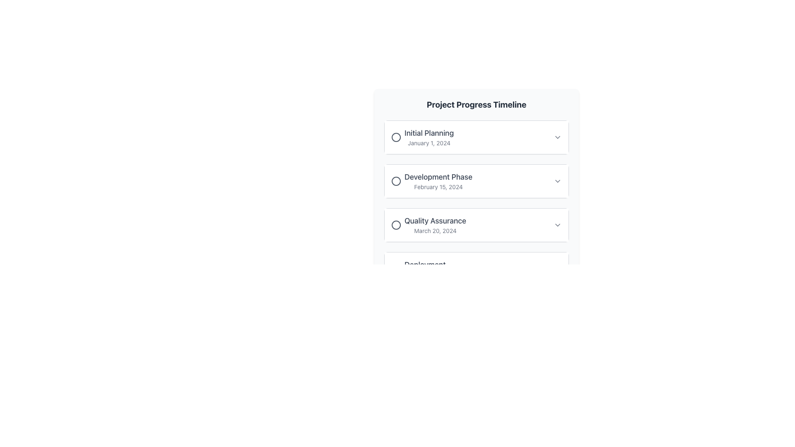 This screenshot has height=447, width=795. I want to click on the 'Quality Assurance' step in the 'Project Progress Timeline', which is the third card in the vertical sequence, so click(477, 225).